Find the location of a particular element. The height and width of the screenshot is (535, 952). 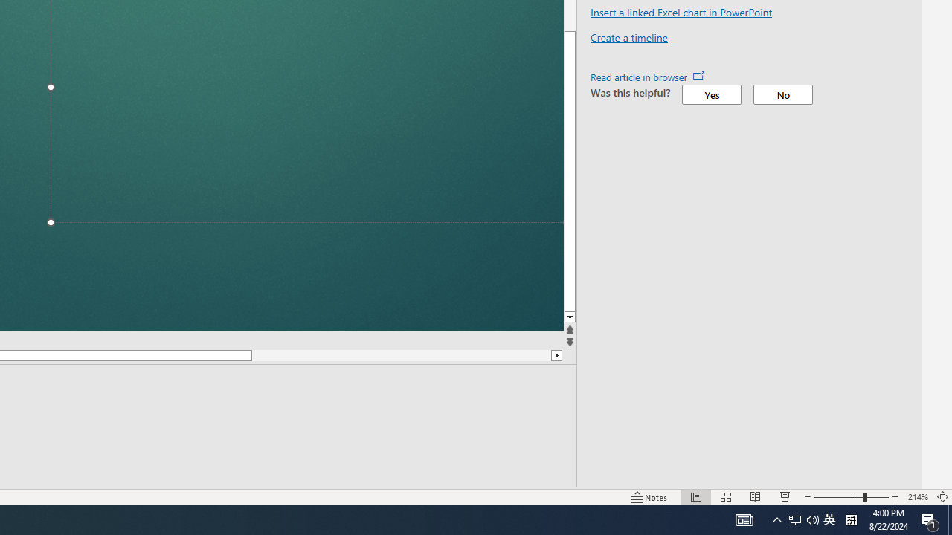

'Yes' is located at coordinates (710, 94).